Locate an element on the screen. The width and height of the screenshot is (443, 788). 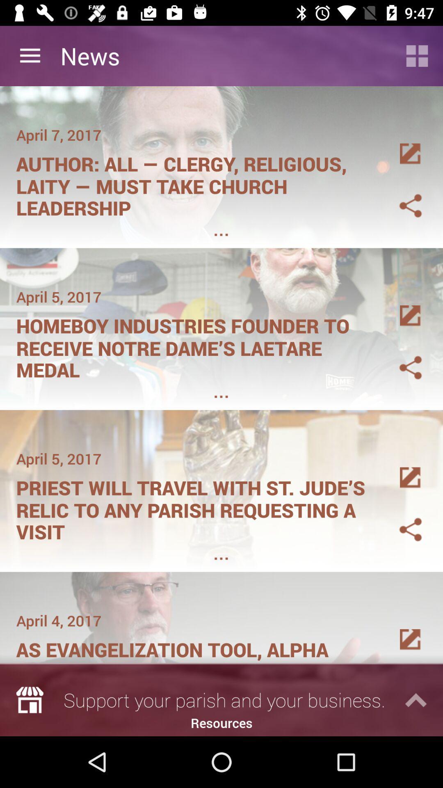
the homeboy industries founder icon is located at coordinates (196, 345).